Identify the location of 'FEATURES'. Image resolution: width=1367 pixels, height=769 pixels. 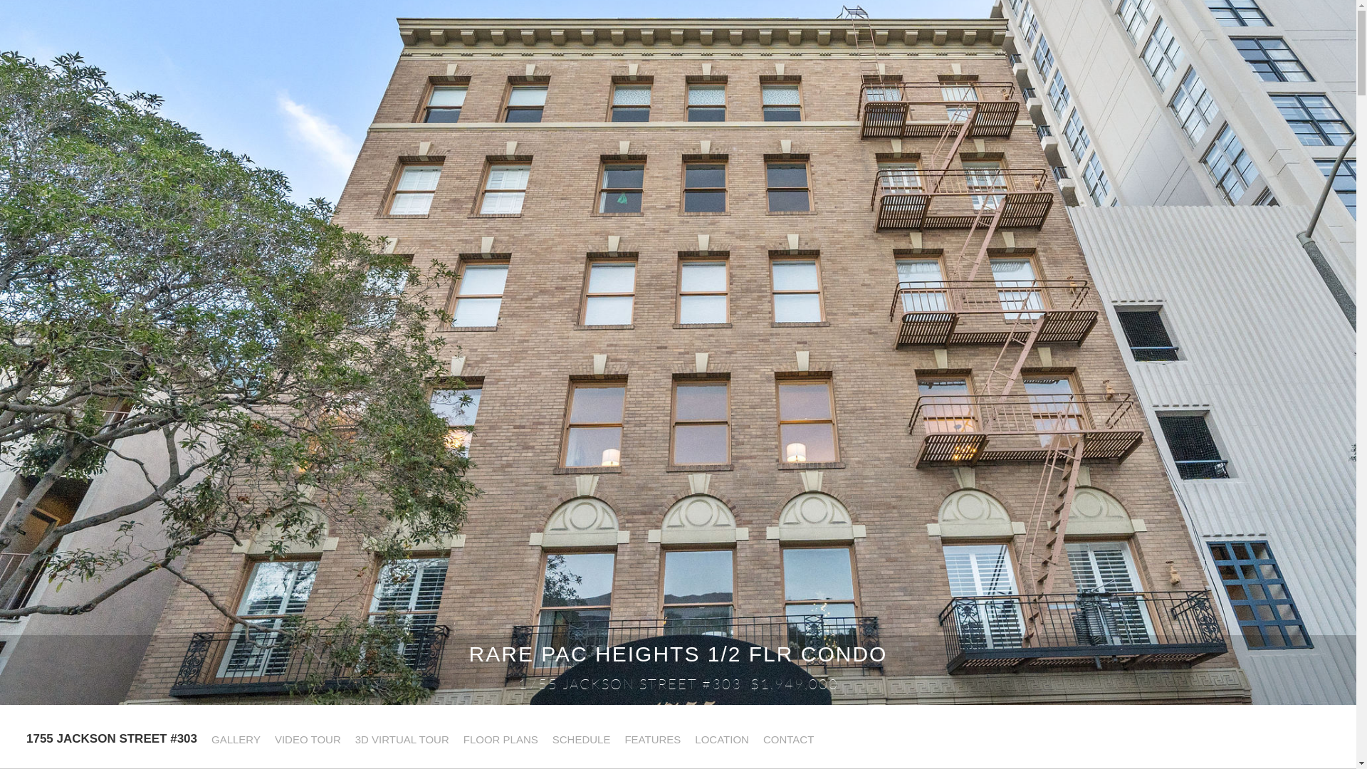
(651, 738).